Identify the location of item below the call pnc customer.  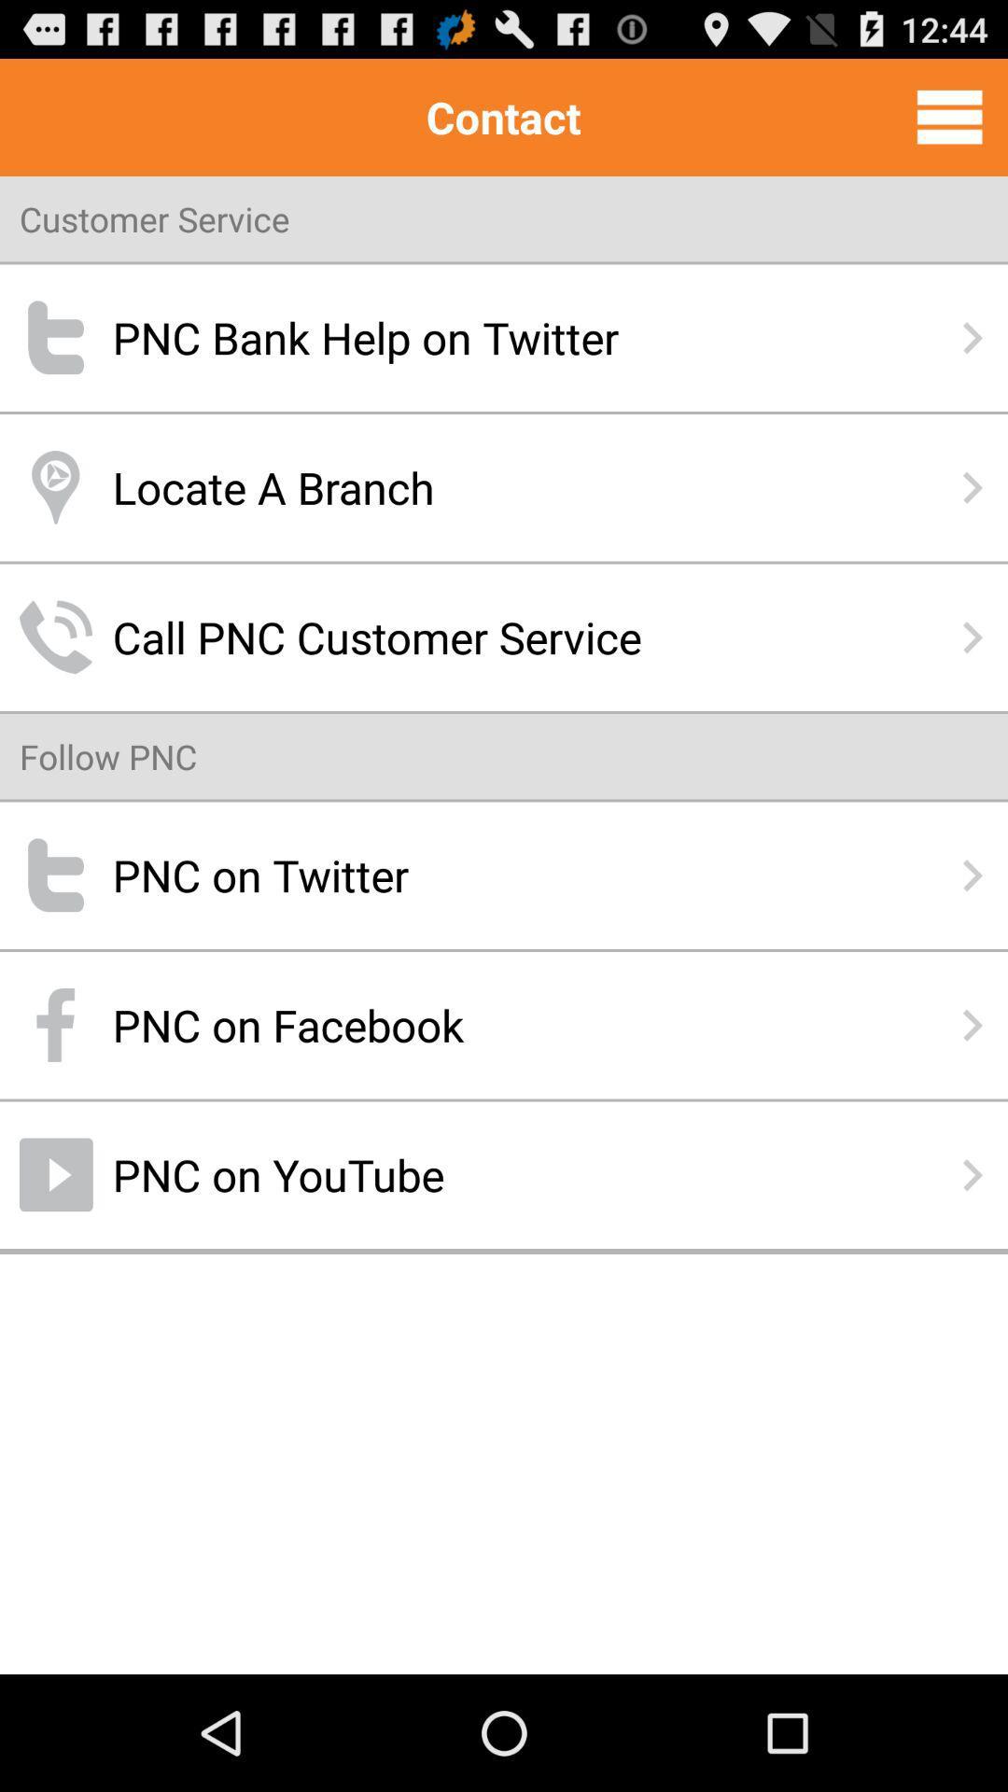
(108, 756).